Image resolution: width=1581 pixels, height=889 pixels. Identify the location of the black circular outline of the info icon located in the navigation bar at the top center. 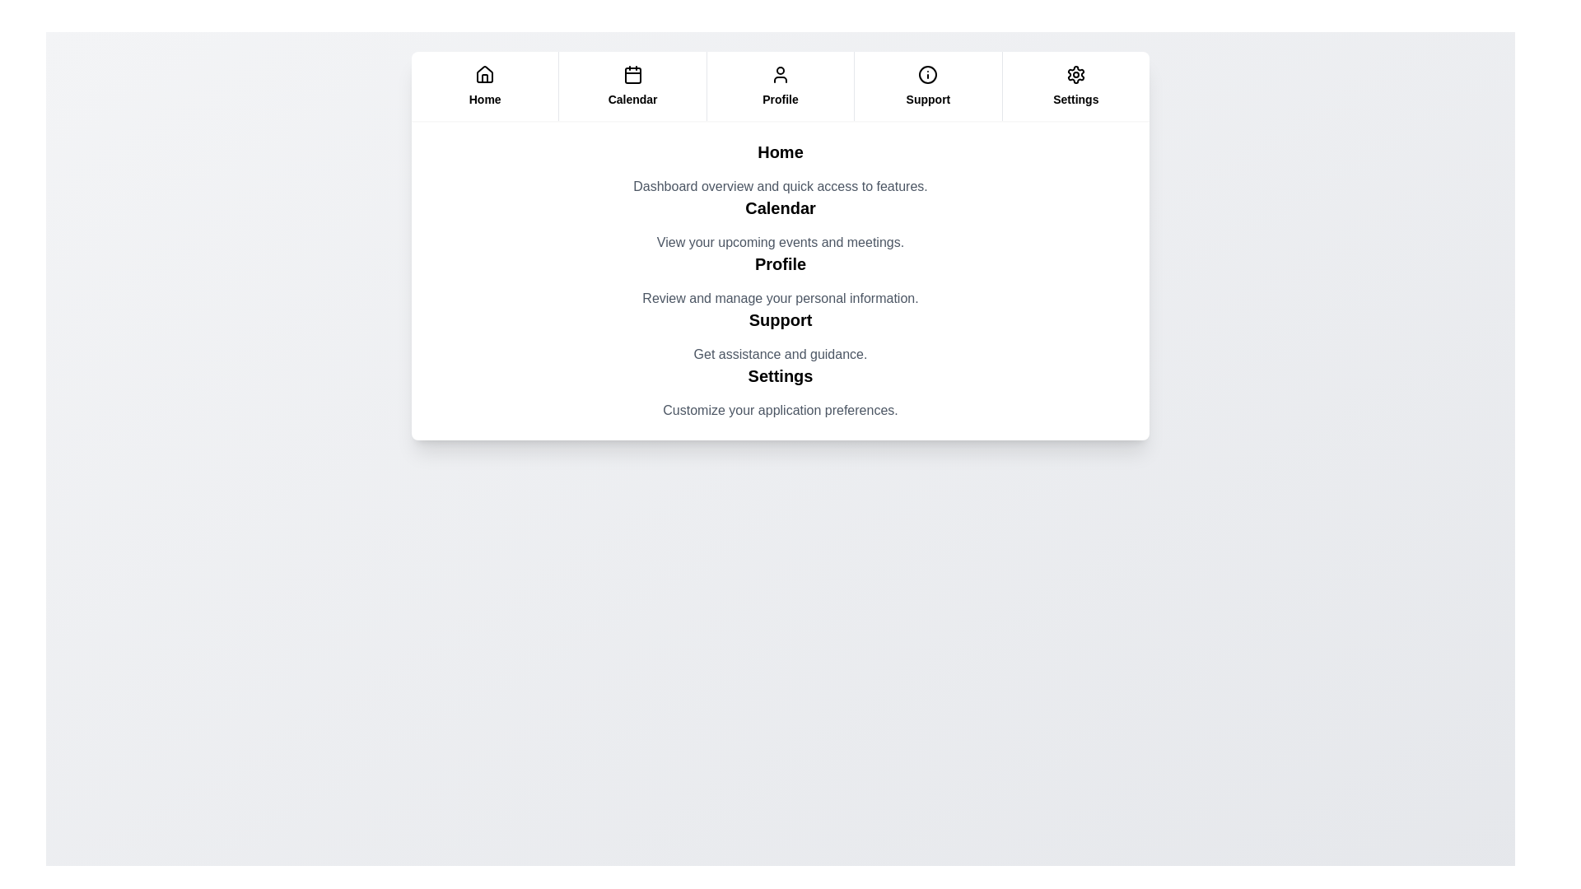
(928, 75).